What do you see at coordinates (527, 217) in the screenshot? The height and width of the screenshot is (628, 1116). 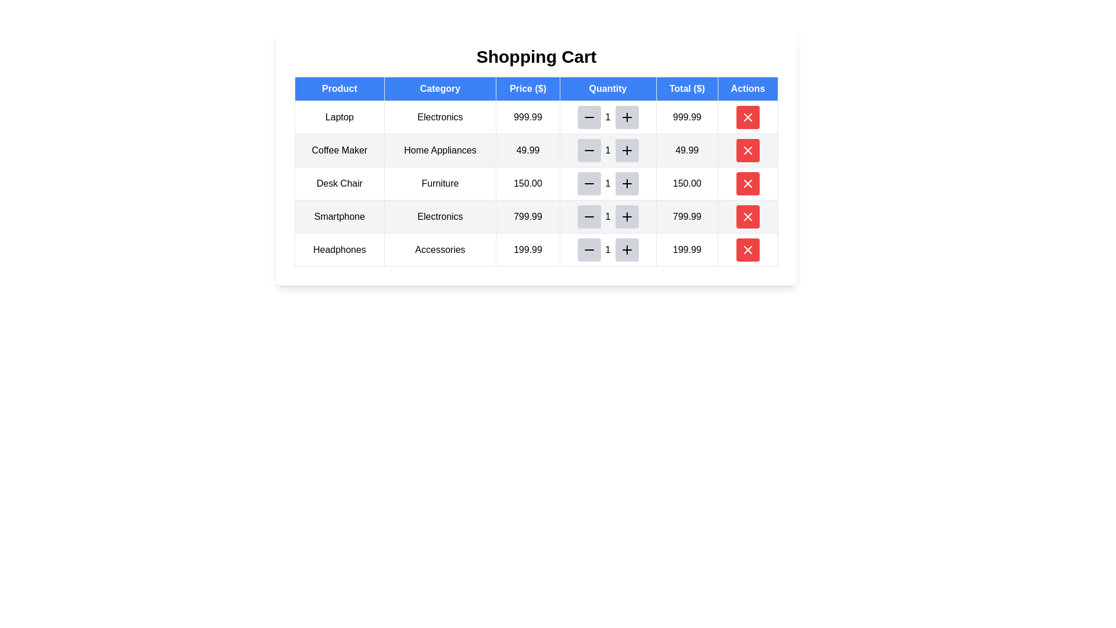 I see `the price label of the Smartphone in the shopping cart table, located in the third column under the 'Price ($)' header` at bounding box center [527, 217].